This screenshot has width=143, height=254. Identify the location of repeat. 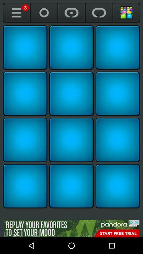
(99, 12).